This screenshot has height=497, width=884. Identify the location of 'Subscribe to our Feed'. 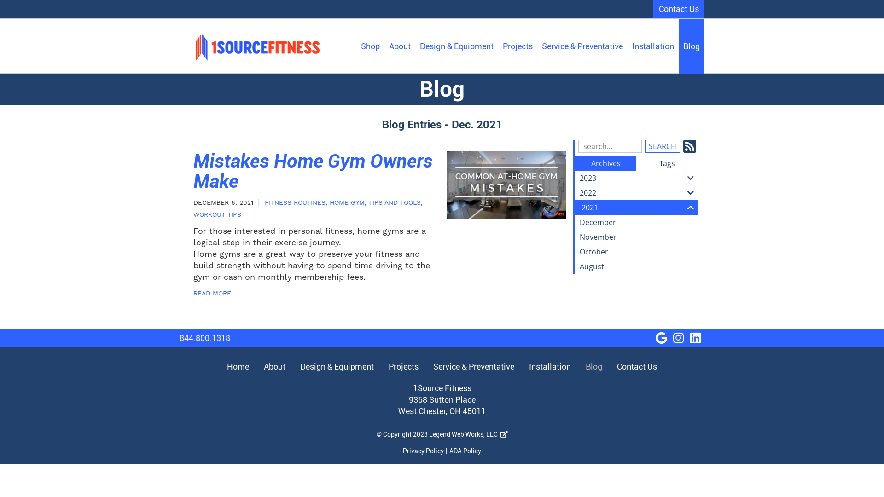
(689, 145).